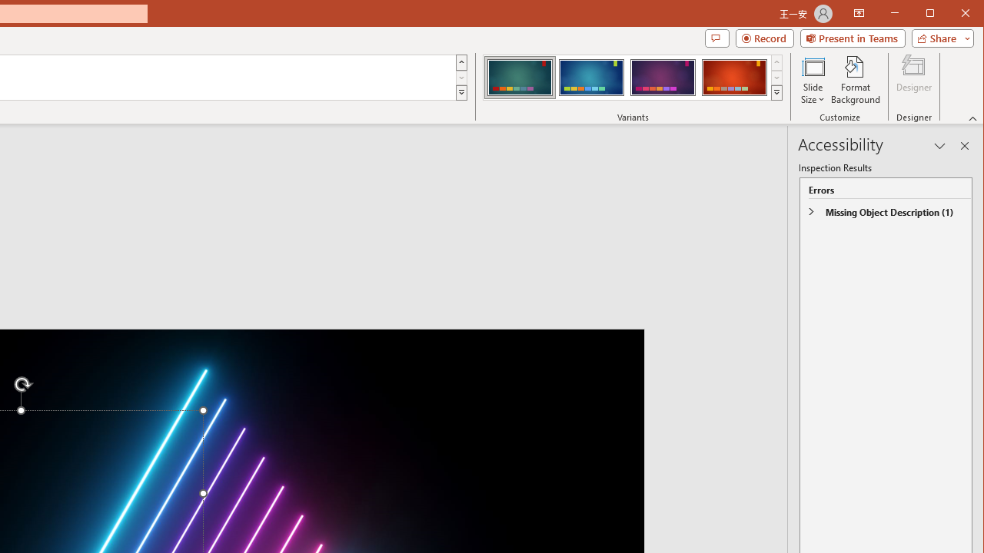  Describe the element at coordinates (520, 77) in the screenshot. I see `'Ion Variant 1'` at that location.